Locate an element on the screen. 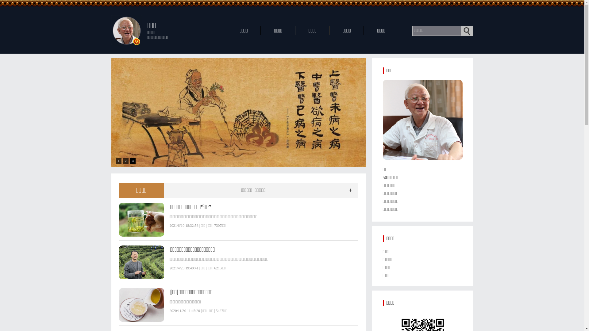 This screenshot has height=331, width=589. '1' is located at coordinates (119, 160).